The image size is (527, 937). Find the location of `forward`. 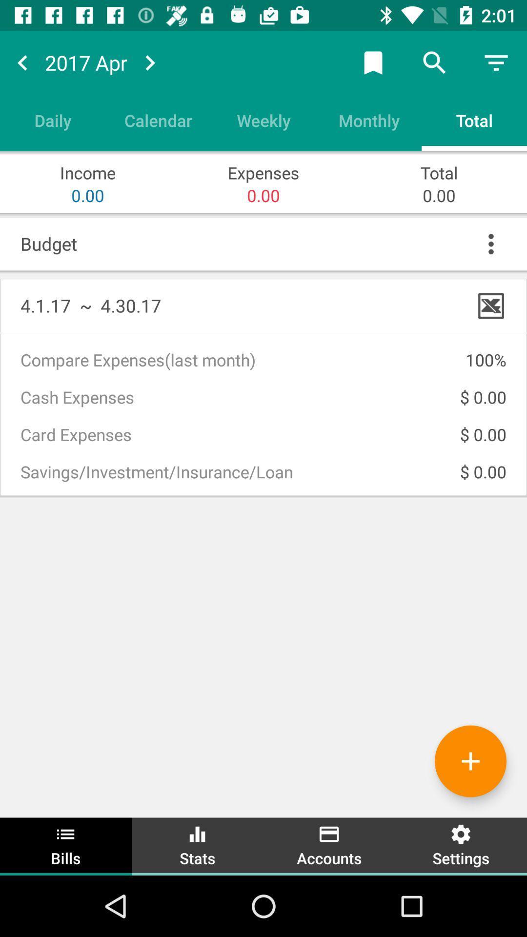

forward is located at coordinates (150, 62).